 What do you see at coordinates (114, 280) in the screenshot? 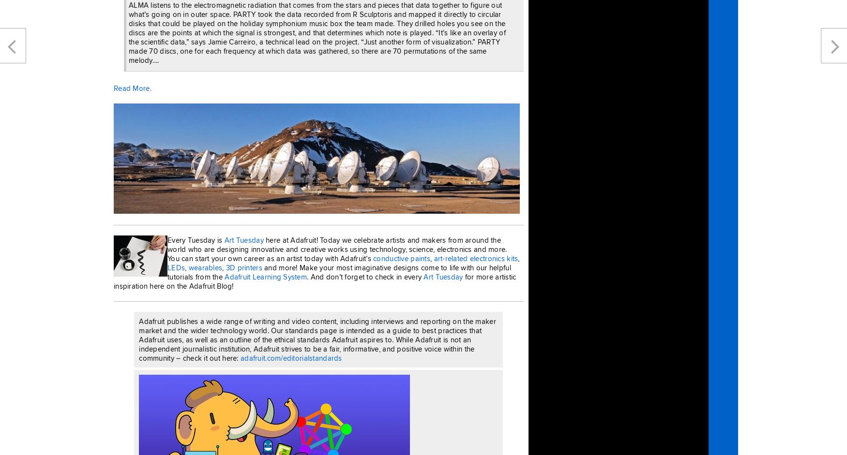
I see `'for more artistic inspiration here on the Adafruit Blog!'` at bounding box center [114, 280].